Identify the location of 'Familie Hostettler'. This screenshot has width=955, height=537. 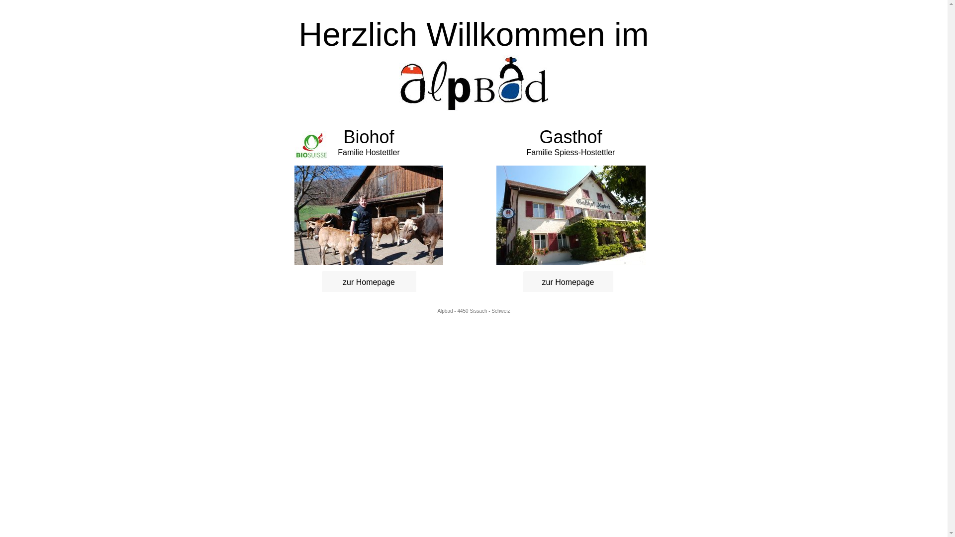
(337, 152).